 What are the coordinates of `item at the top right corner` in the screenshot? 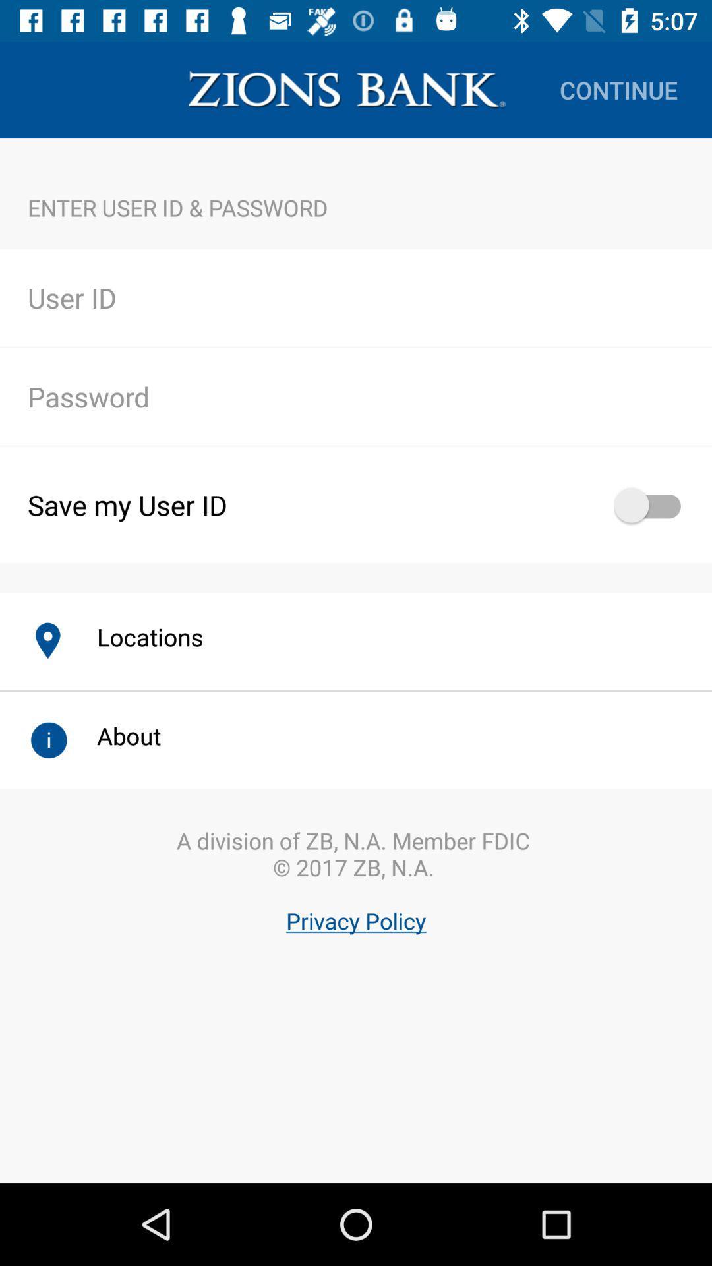 It's located at (618, 89).